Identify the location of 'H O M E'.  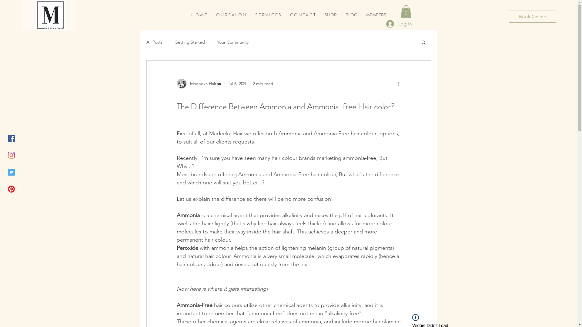
(199, 15).